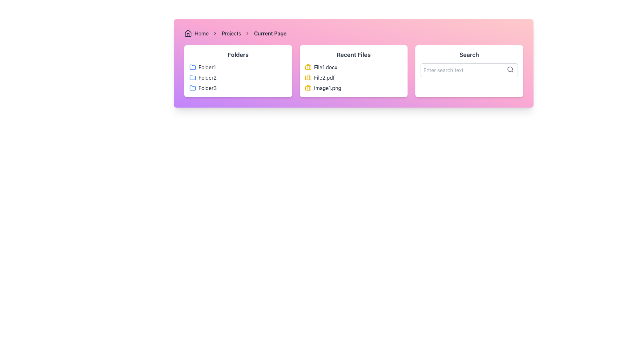  I want to click on the text label displaying 'File1.docx' located in the 'Recent Files' section, so click(326, 67).